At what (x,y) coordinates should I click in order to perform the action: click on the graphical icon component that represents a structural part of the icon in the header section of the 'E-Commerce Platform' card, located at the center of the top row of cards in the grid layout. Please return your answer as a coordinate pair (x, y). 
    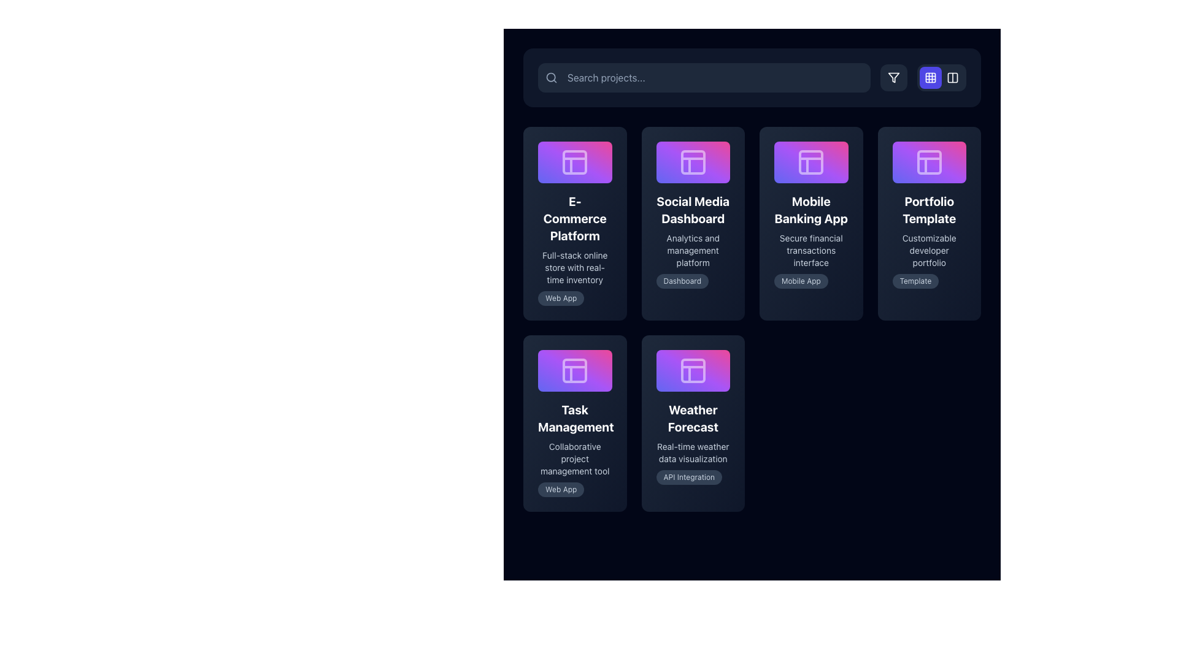
    Looking at the image, I should click on (574, 161).